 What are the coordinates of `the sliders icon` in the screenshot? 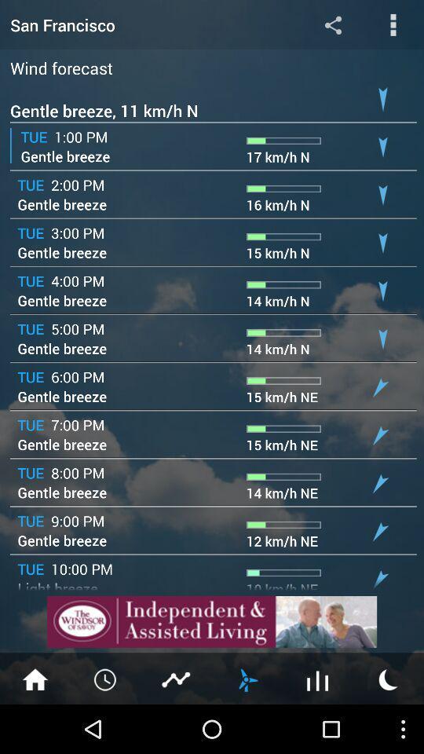 It's located at (318, 727).